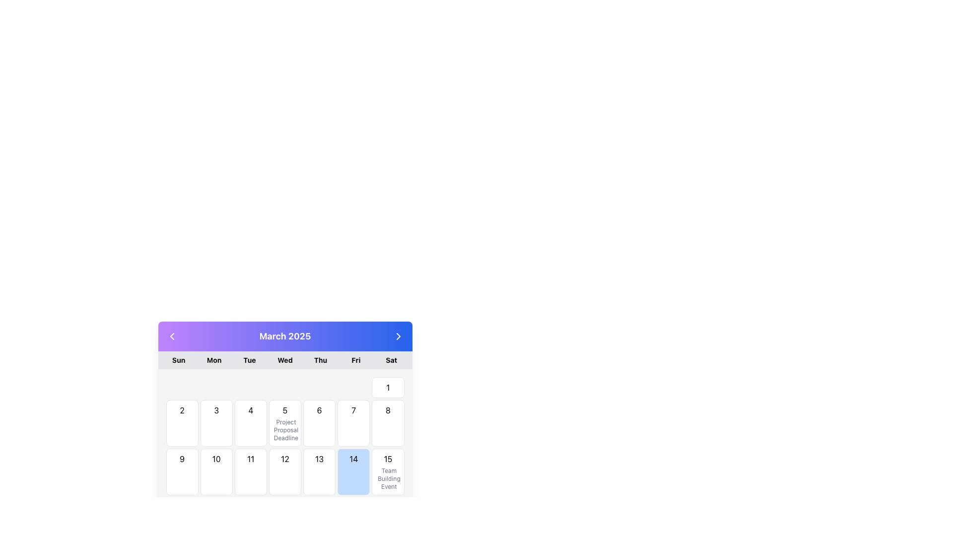 This screenshot has width=953, height=536. What do you see at coordinates (388, 423) in the screenshot?
I see `the calendar tile for the 8th day, which has a white background and displays the number '8'` at bounding box center [388, 423].